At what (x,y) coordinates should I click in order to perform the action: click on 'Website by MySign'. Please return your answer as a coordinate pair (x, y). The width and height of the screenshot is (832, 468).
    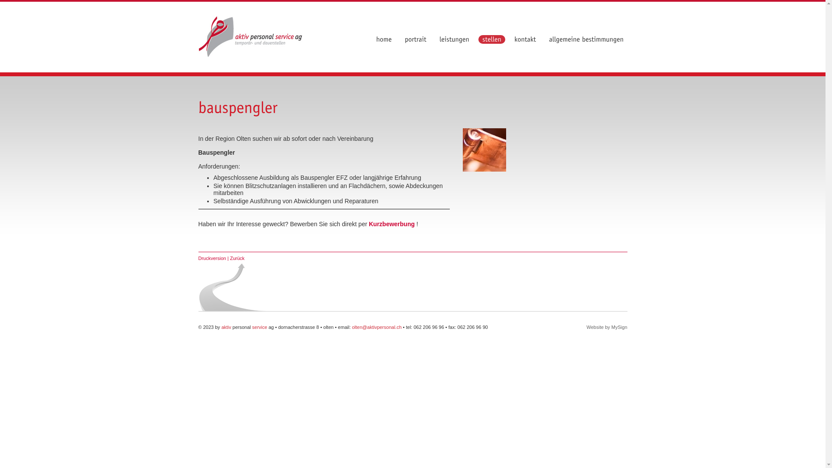
    Looking at the image, I should click on (607, 327).